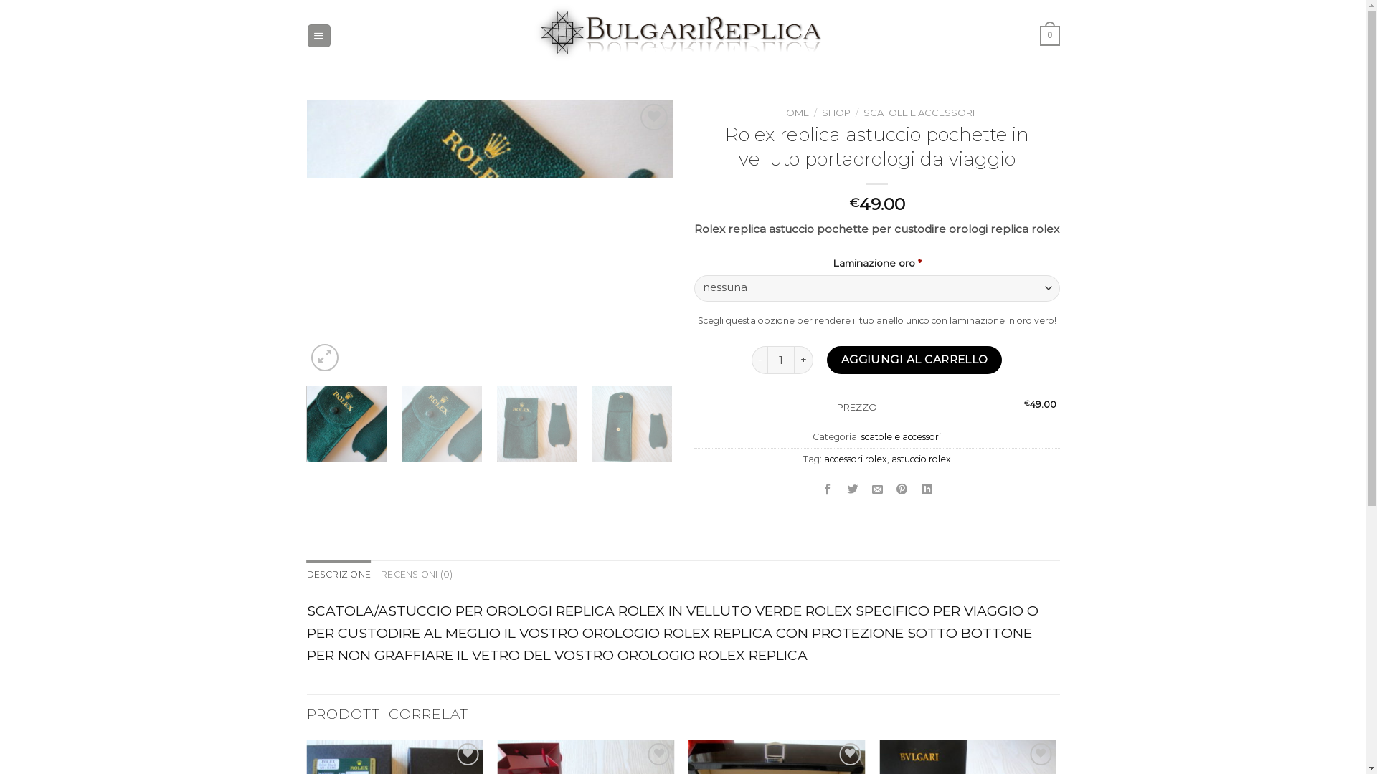  I want to click on 'Pin su Pinterest', so click(890, 489).